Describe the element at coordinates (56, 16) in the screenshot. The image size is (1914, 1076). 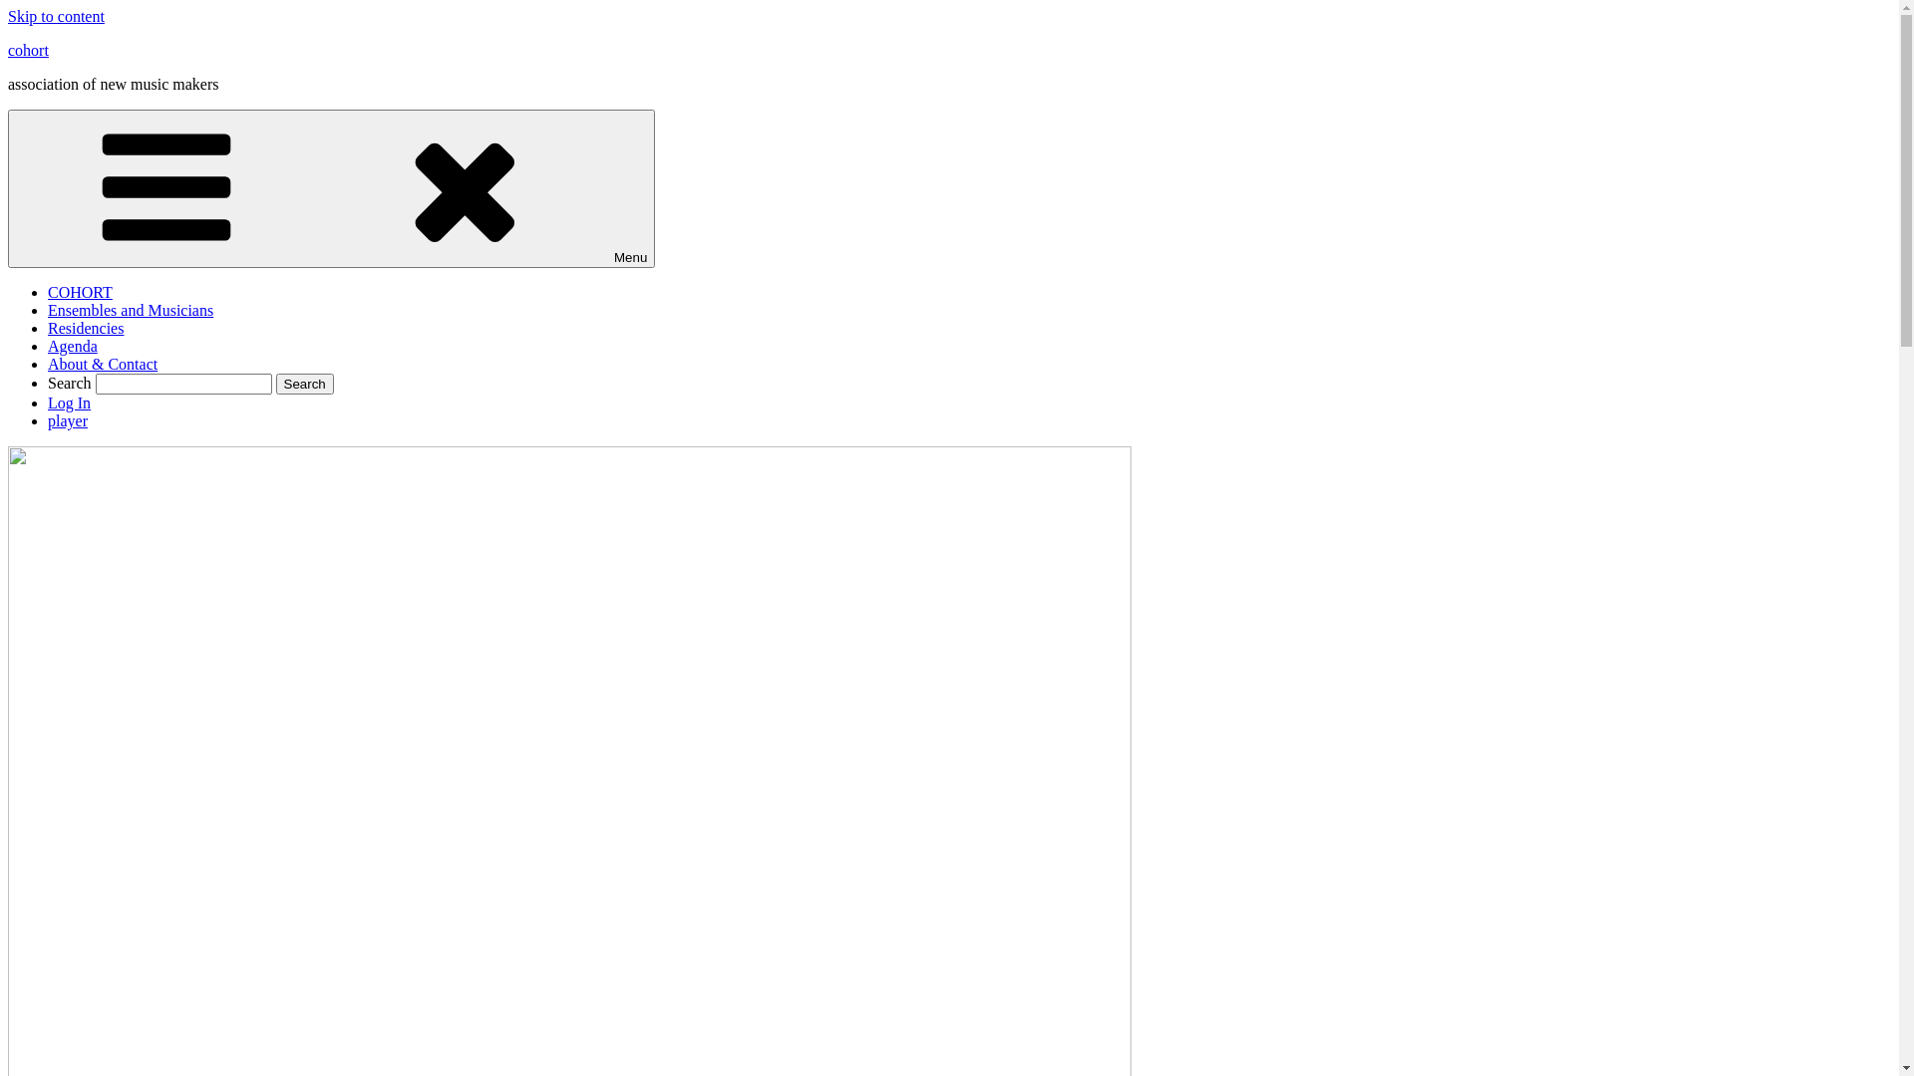
I see `'Skip to content'` at that location.